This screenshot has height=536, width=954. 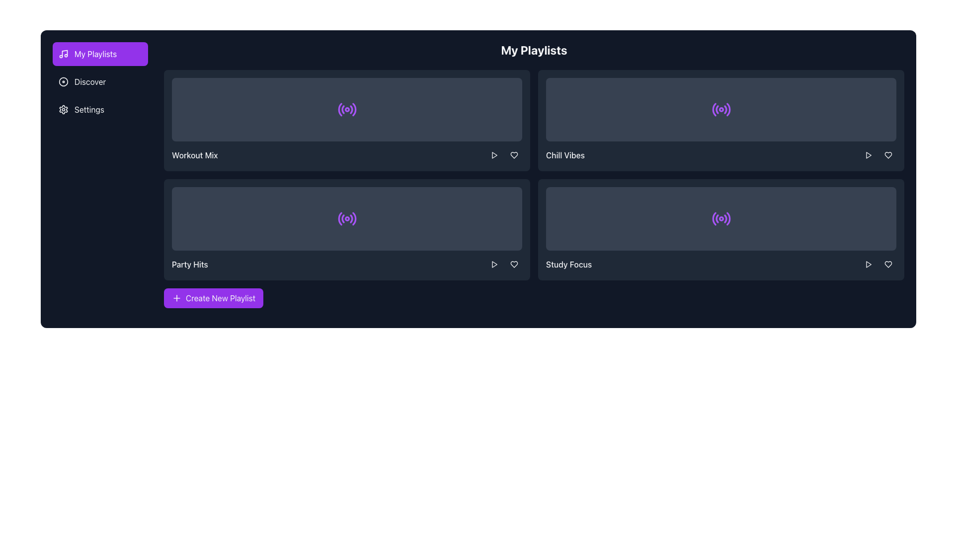 I want to click on the purple circular icon with a central dot and concentric arcs, located in the bottom-right 'Study Focus' tile of the playlist grid, so click(x=721, y=218).